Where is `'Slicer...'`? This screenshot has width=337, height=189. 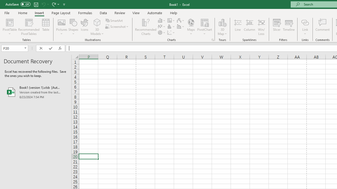
'Slicer...' is located at coordinates (276, 27).